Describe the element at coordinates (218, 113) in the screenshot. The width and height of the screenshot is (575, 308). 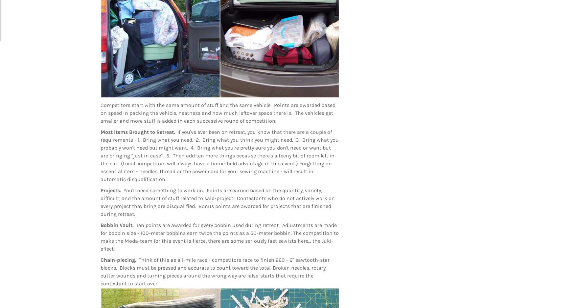
I see `'Competitors start with the same amount of stuff and the same vehicle.  Points are awarded based on speed in packing the vehicle, neatness and how much leftover space there is.  The vehicles get smaller and more stuff is added in each successive round of competition.'` at that location.